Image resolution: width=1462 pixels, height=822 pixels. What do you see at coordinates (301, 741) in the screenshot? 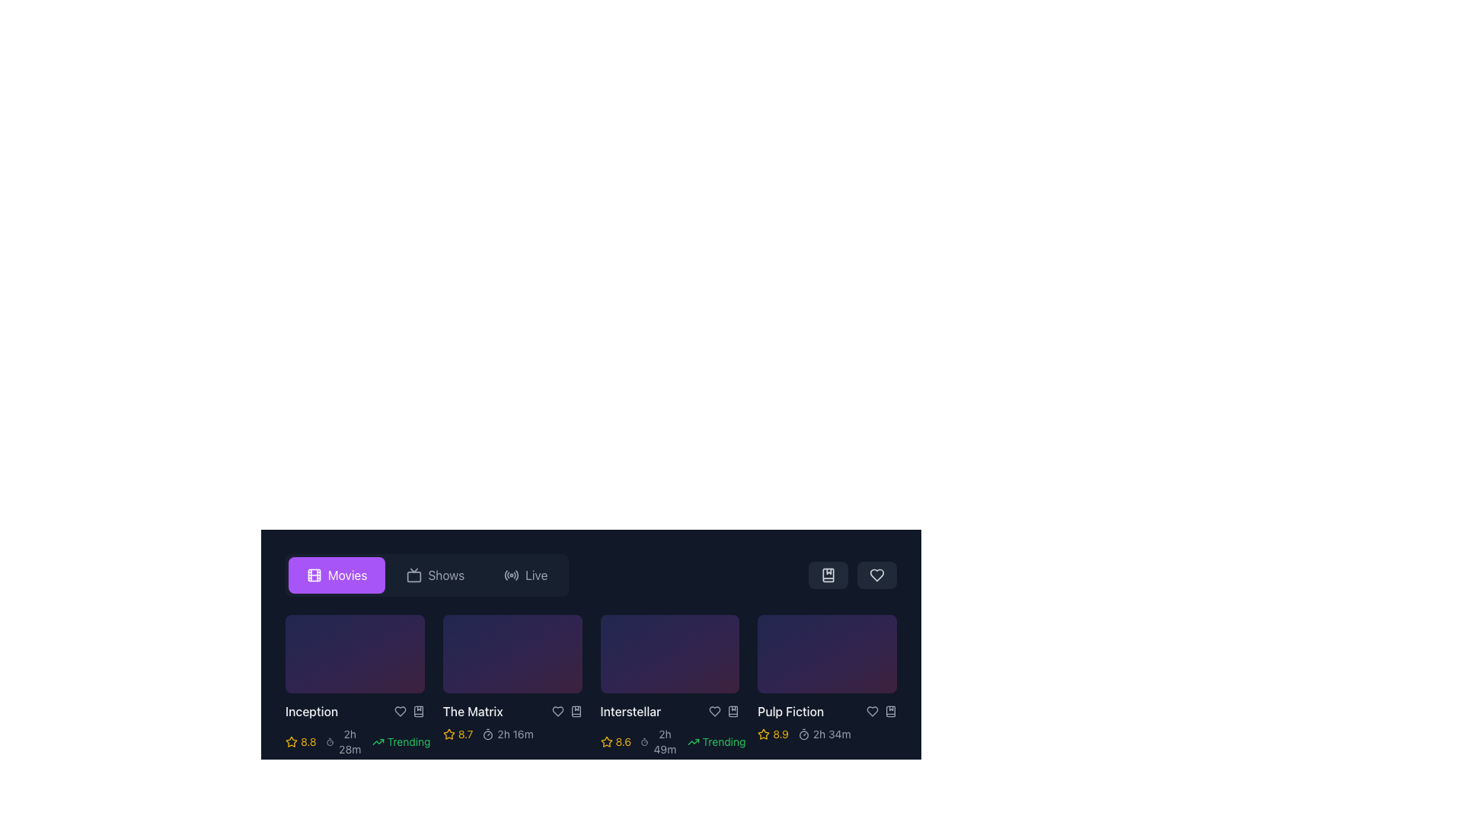
I see `the icon displaying the text '8.8' with a yellow star icon, located at the bottom-left of the first card in the grid` at bounding box center [301, 741].